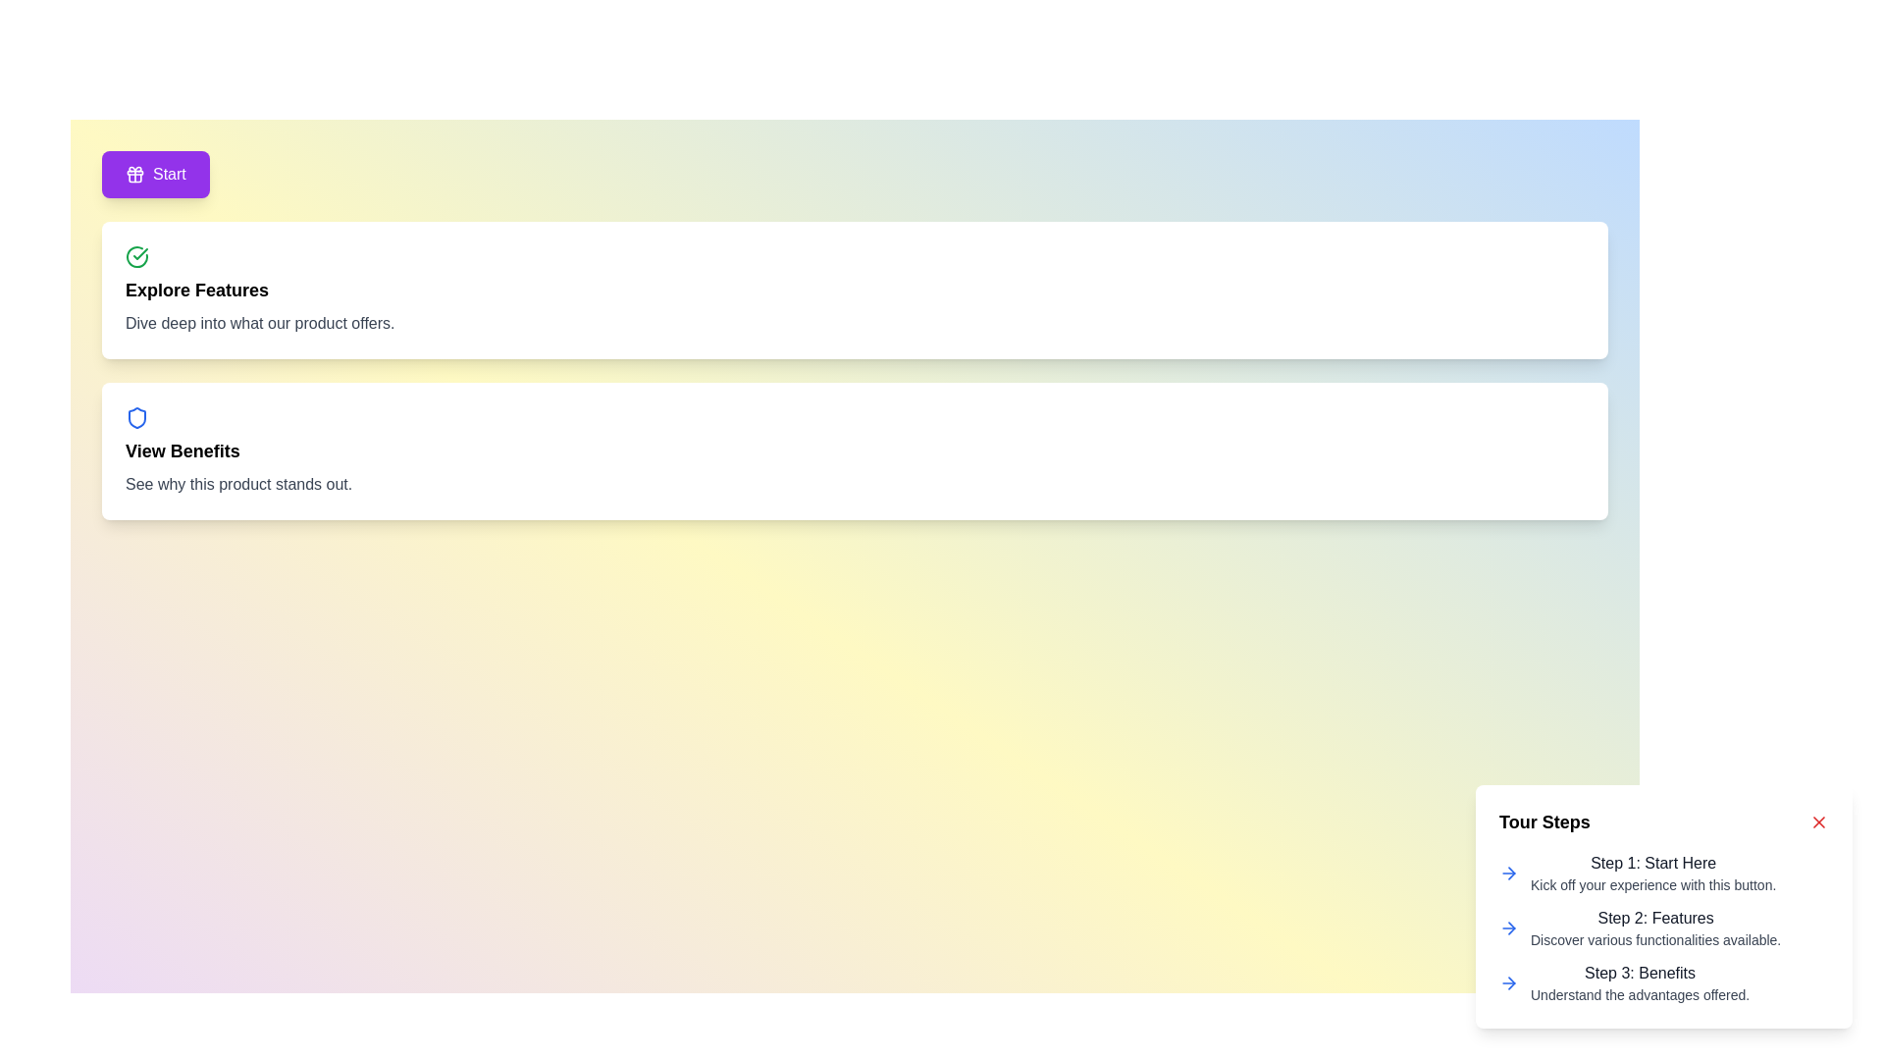 The image size is (1884, 1060). I want to click on the static informative text that reads 'Kick off your experience with this button.' positioned below 'Step 1: Start Here.', so click(1652, 885).